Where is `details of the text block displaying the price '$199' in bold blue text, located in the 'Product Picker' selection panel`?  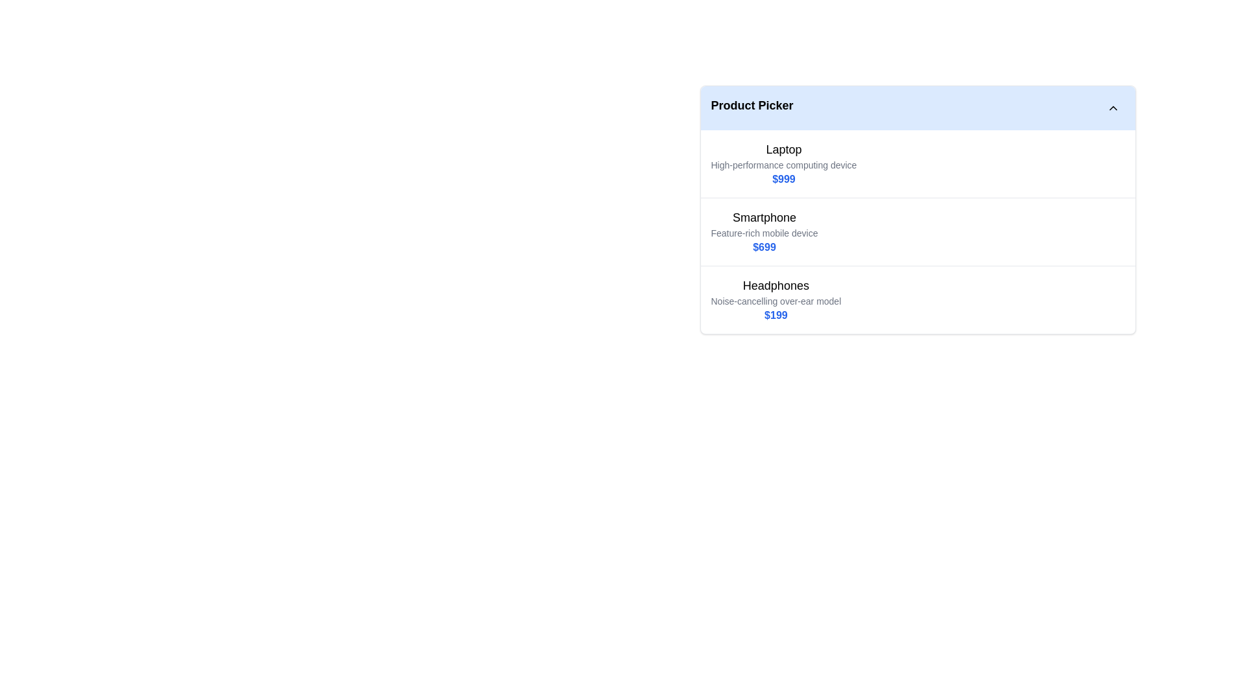
details of the text block displaying the price '$199' in bold blue text, located in the 'Product Picker' selection panel is located at coordinates (776, 299).